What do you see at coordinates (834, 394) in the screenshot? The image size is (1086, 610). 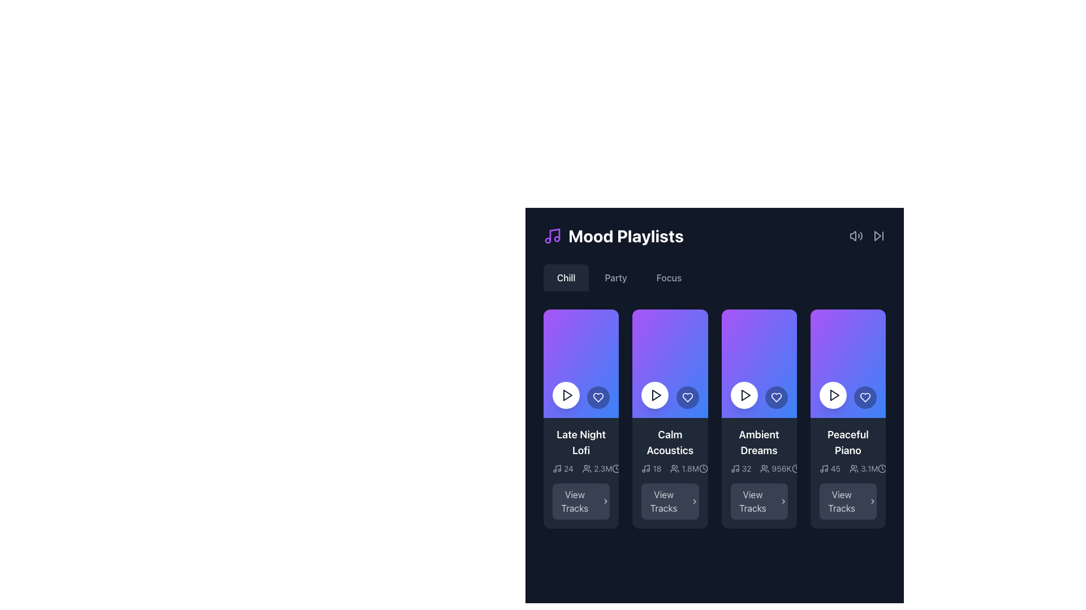 I see `the triangular play icon with a hollow outline located in the circular button at the top center of the card labeled 'Peaceful Piano' for potential tooltip or visual feedback` at bounding box center [834, 394].